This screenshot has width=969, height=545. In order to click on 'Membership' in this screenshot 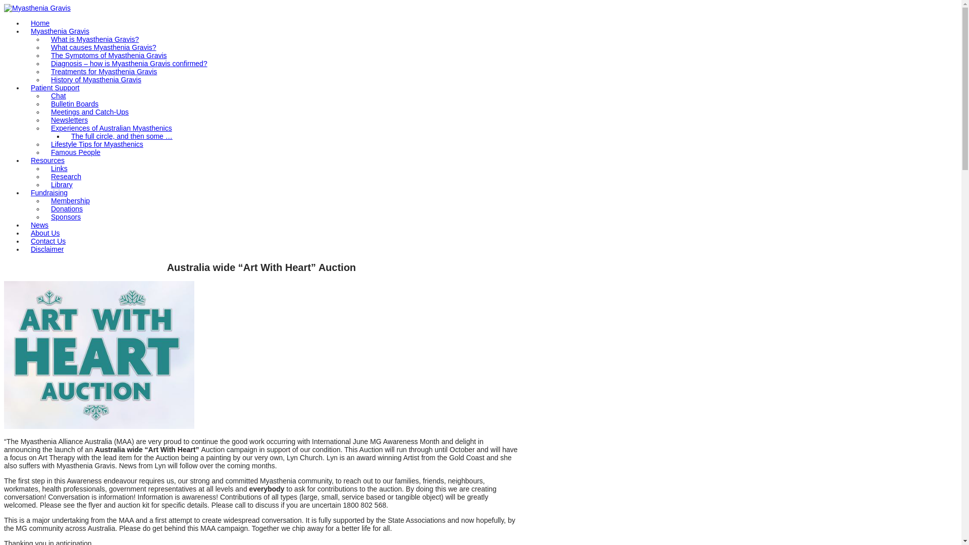, I will do `click(70, 200)`.